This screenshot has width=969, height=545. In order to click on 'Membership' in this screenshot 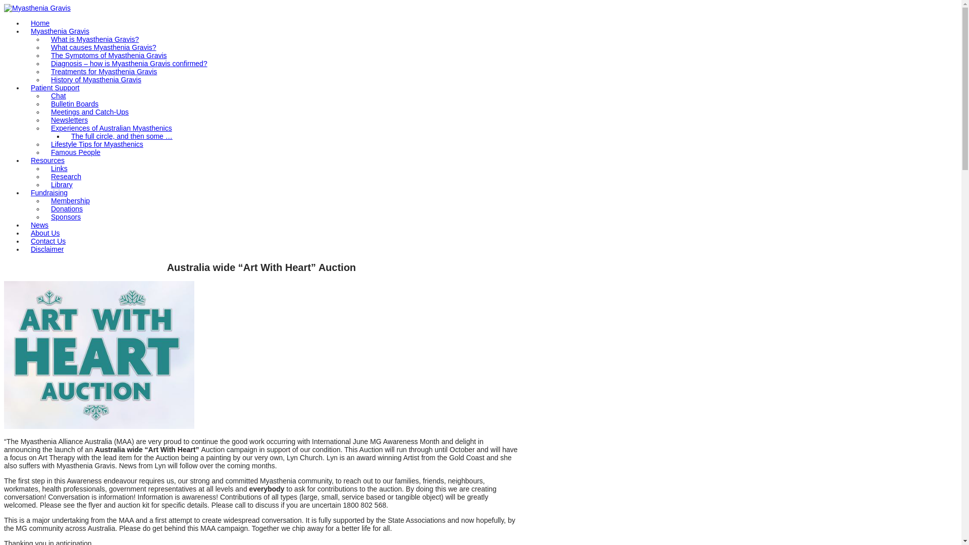, I will do `click(70, 200)`.